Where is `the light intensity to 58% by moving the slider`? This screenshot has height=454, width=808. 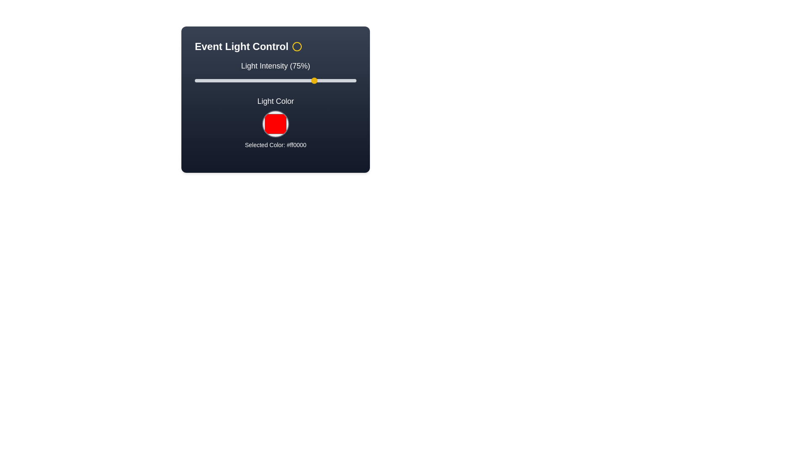 the light intensity to 58% by moving the slider is located at coordinates (288, 81).